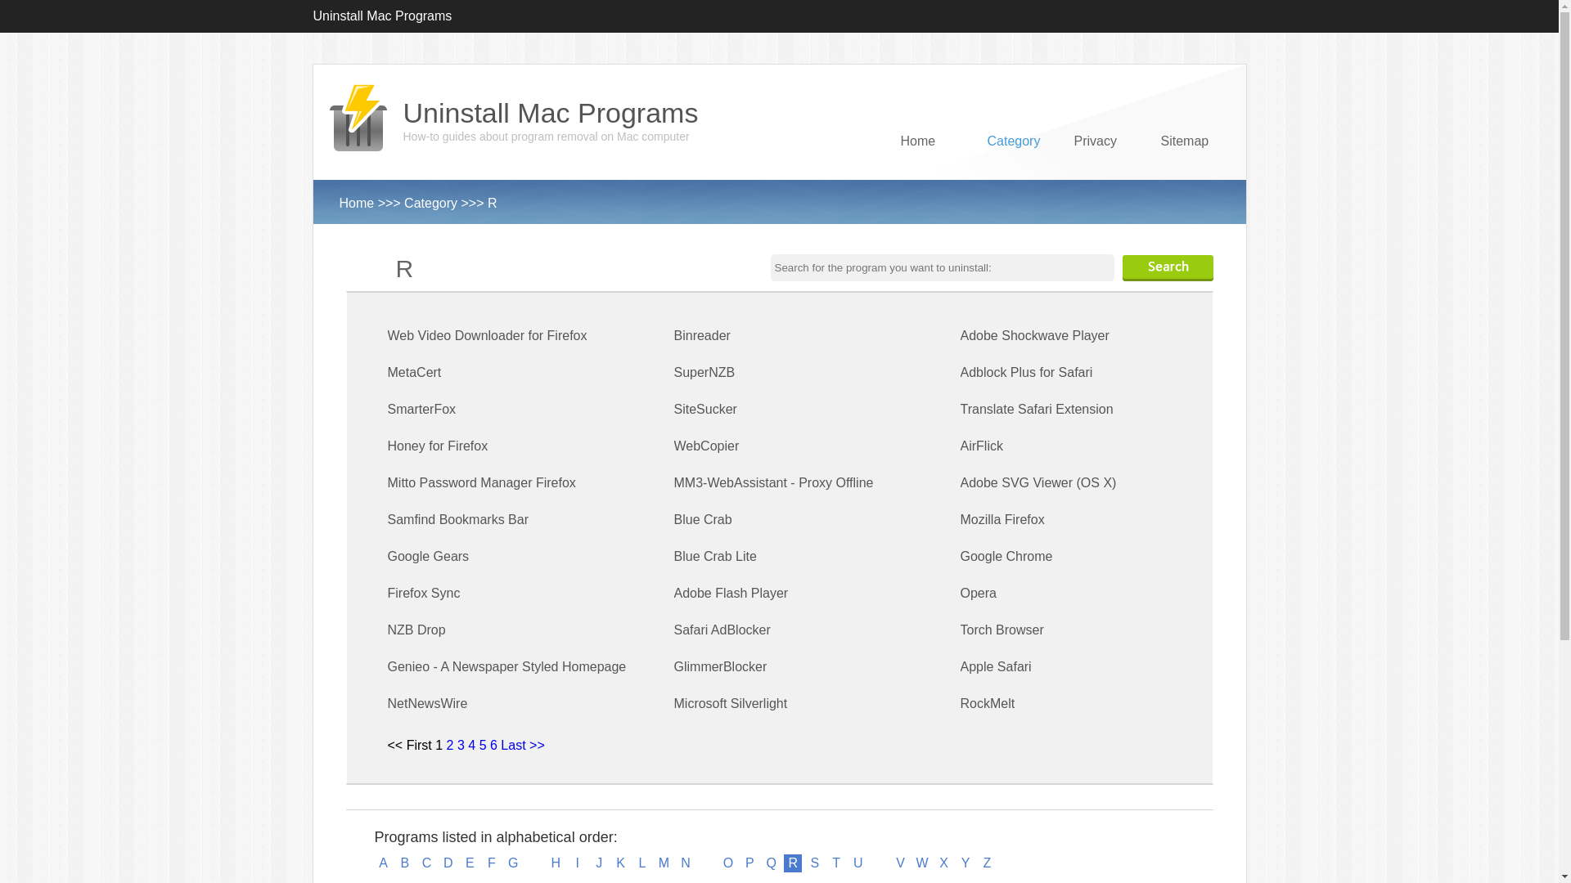  What do you see at coordinates (1038, 482) in the screenshot?
I see `'Adobe SVG Viewer (OS X)'` at bounding box center [1038, 482].